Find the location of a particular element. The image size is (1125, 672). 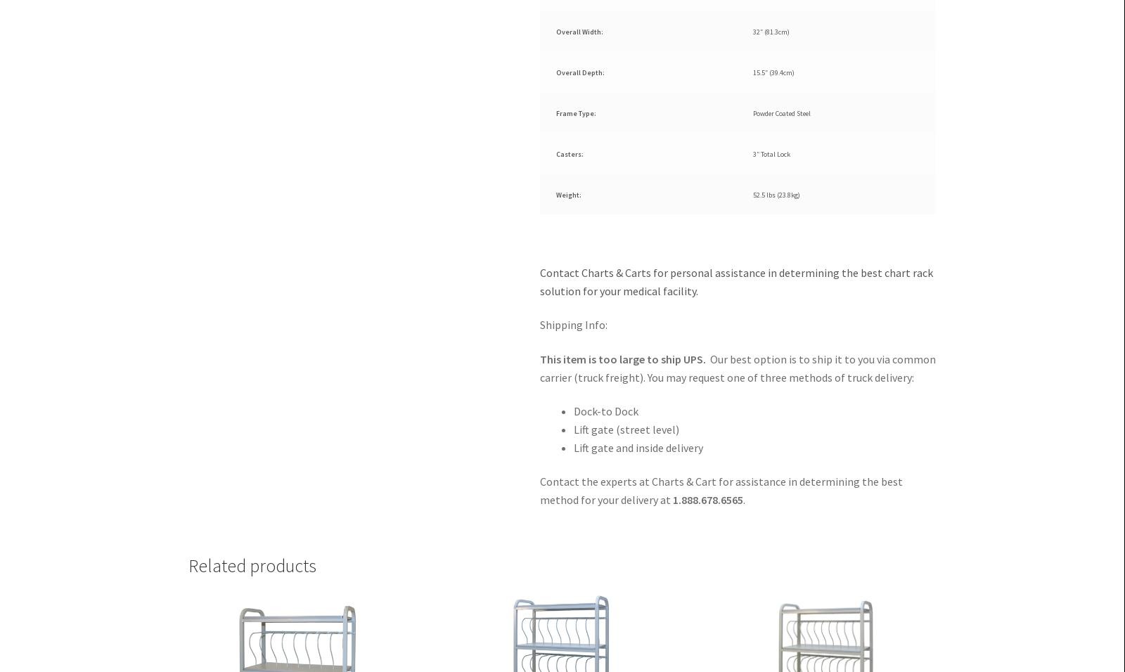

'Lift gate (street level)' is located at coordinates (626, 429).